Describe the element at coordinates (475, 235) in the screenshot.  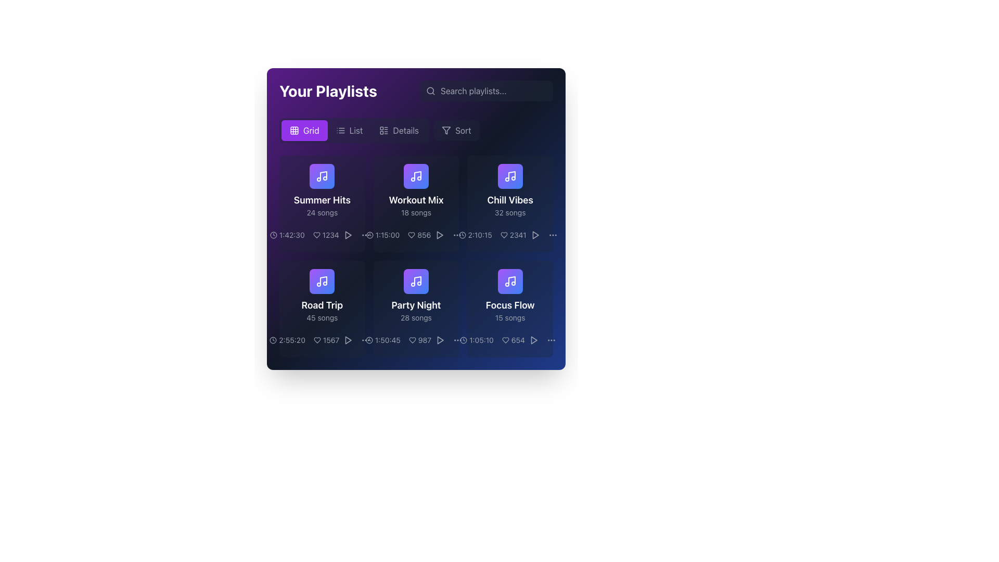
I see `text of the Duration indicator displaying the timestamp '2:10:15' with a clock icon, located in the upper-right portion of the metadata for 'Chill Vibes'` at that location.